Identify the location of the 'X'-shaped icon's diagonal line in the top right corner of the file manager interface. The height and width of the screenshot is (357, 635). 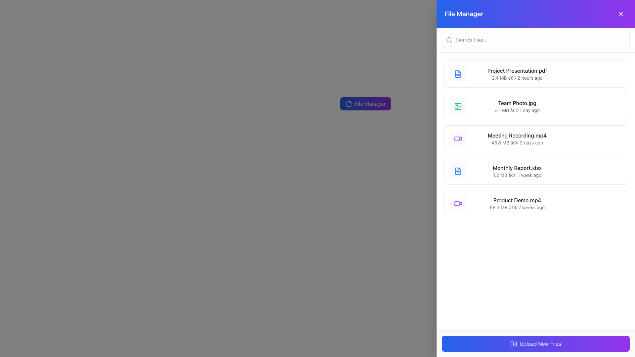
(620, 14).